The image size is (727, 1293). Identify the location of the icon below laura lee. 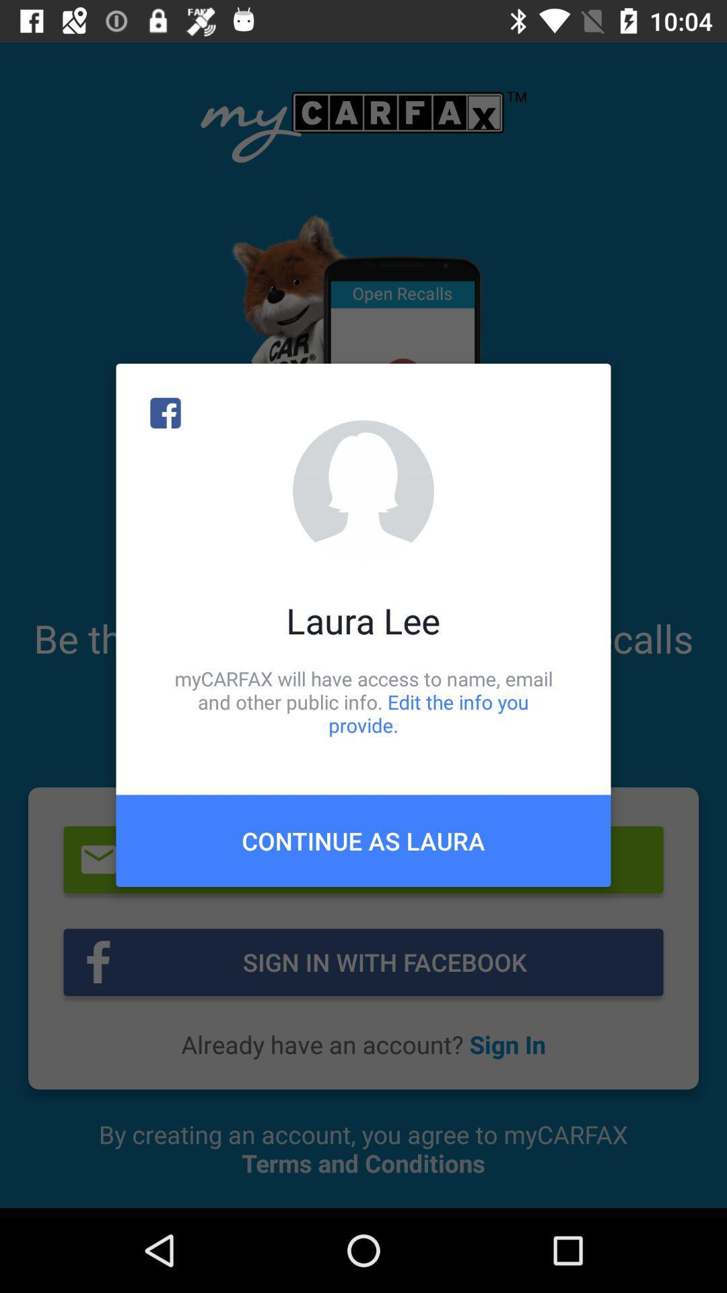
(363, 701).